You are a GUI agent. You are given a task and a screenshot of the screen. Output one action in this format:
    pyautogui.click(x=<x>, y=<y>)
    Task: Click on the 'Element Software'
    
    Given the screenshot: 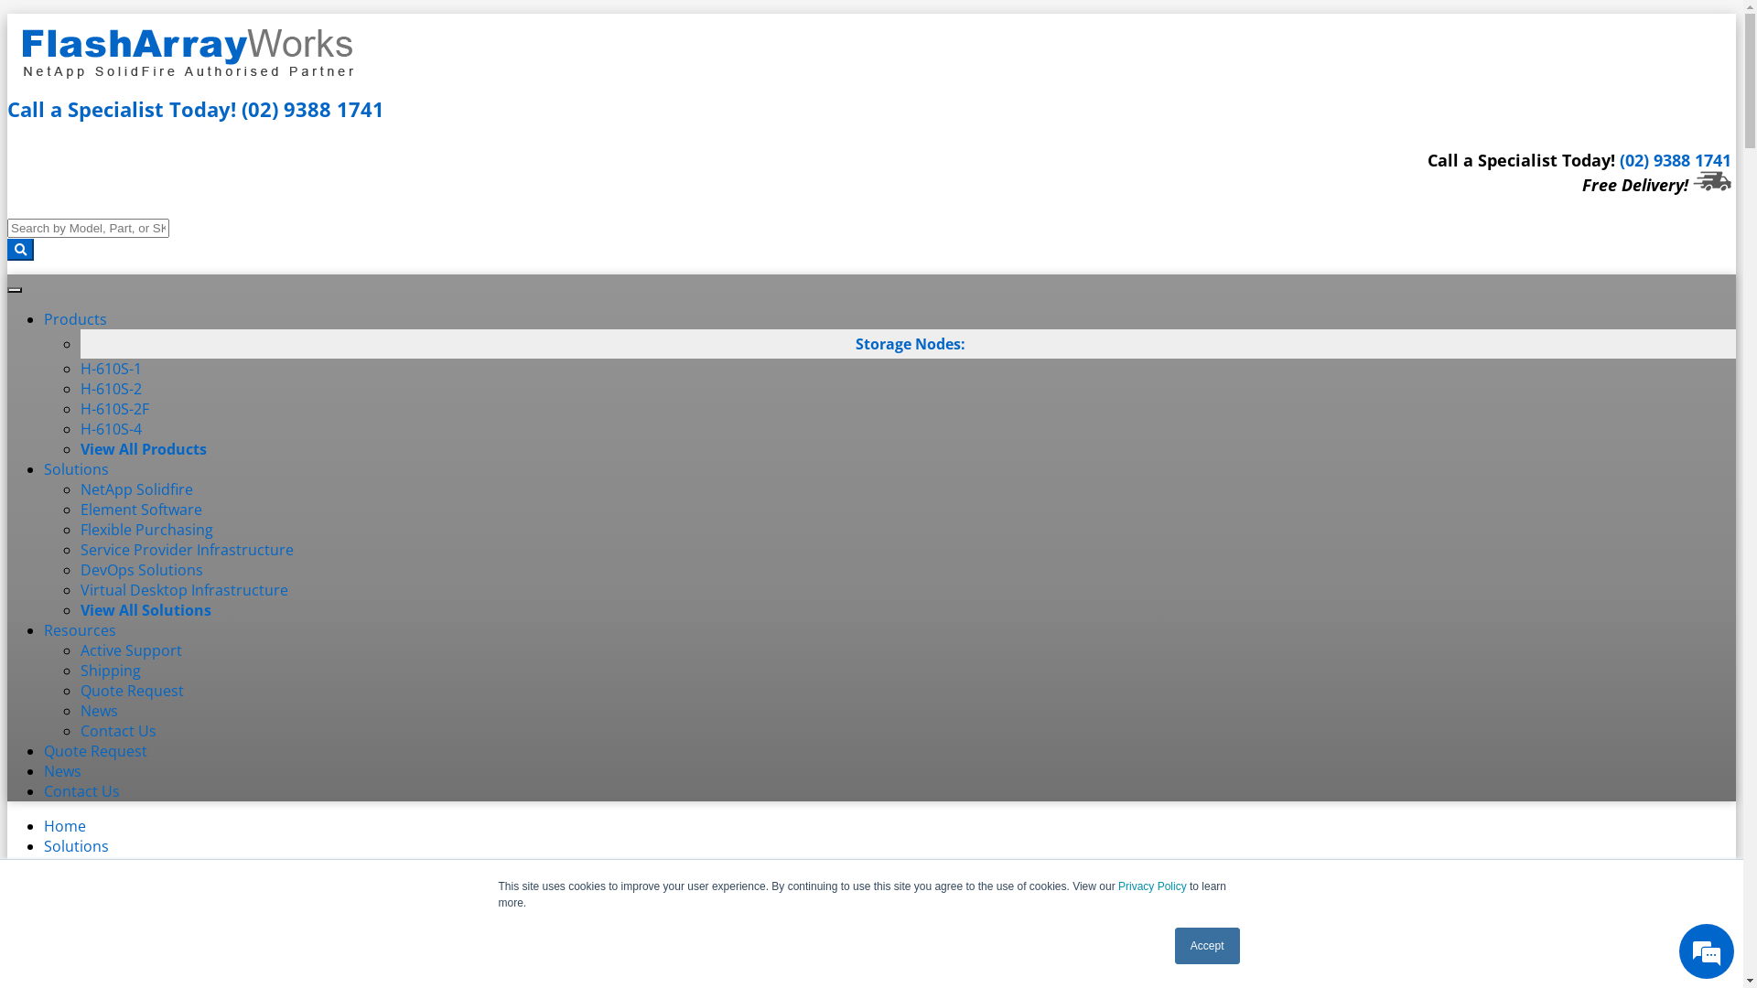 What is the action you would take?
    pyautogui.click(x=140, y=509)
    